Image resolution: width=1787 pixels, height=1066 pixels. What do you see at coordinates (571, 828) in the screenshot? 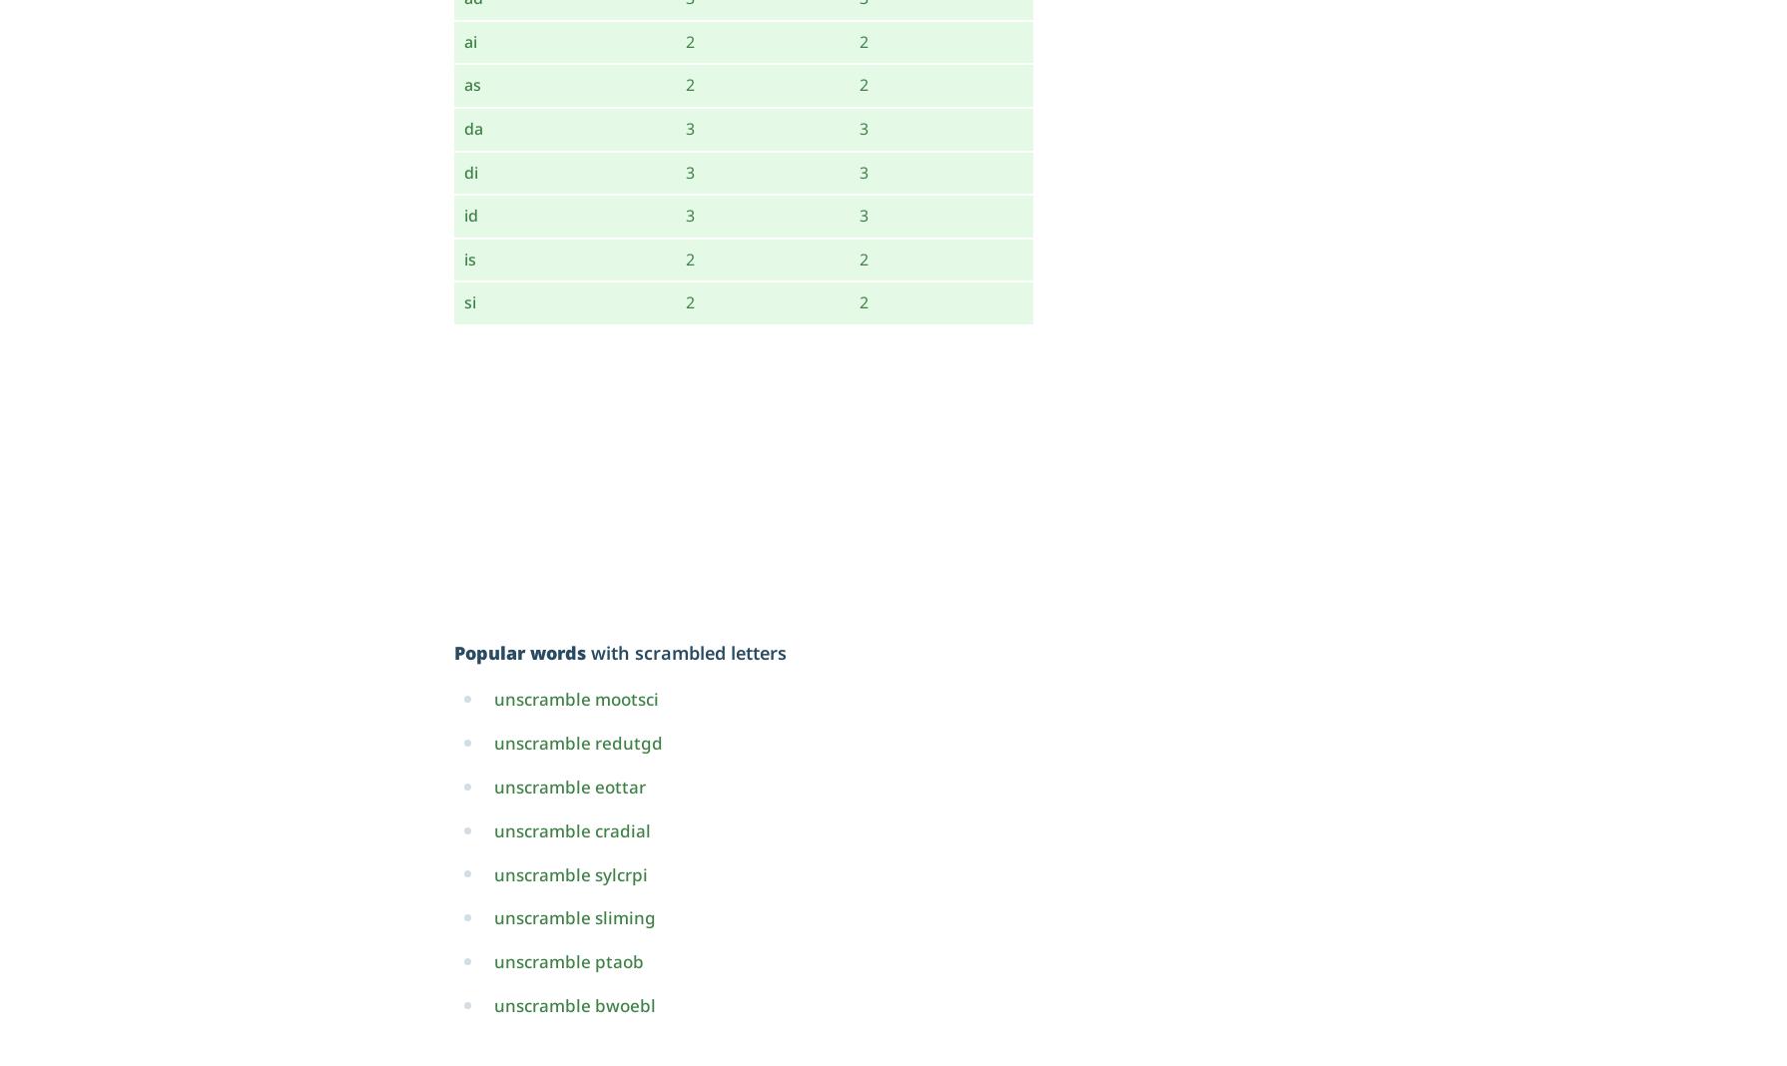
I see `'unscramble cradial'` at bounding box center [571, 828].